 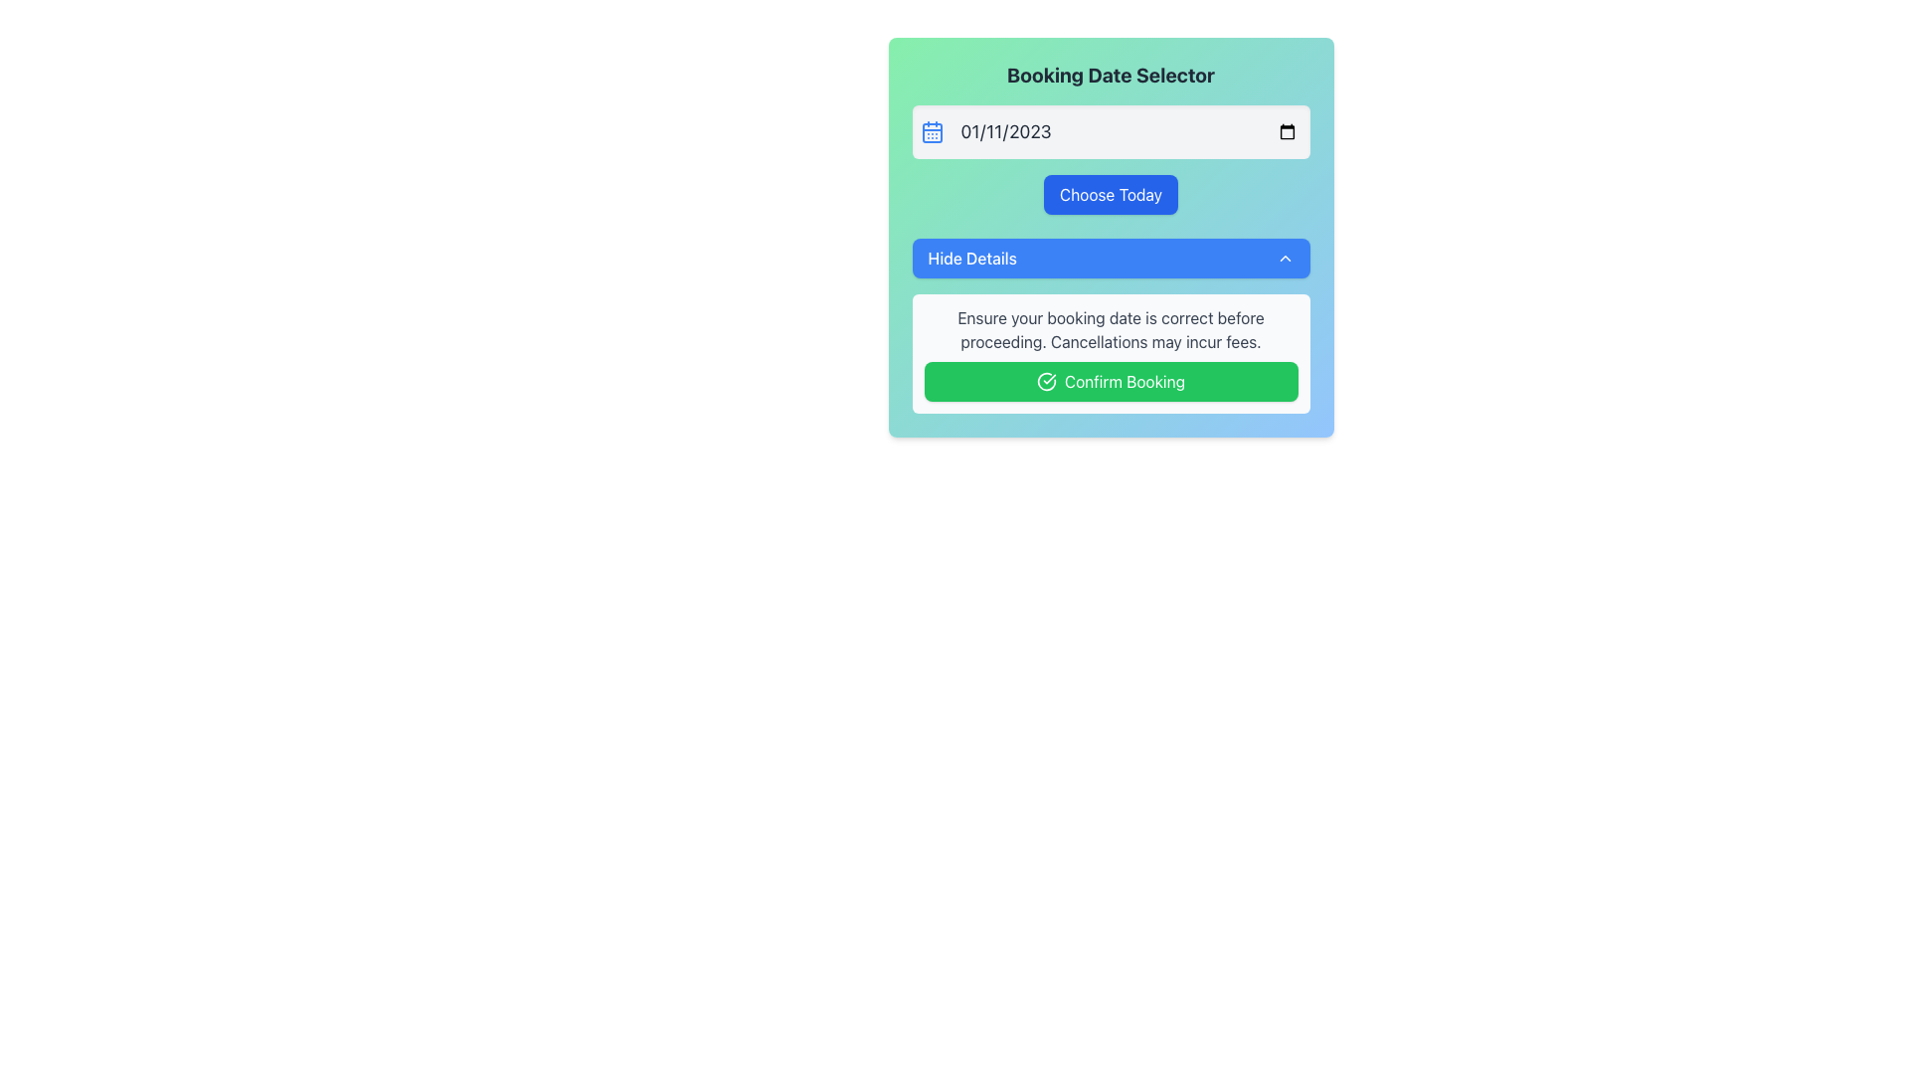 What do you see at coordinates (1110, 328) in the screenshot?
I see `the text block that contains the message 'Ensure your booking date is correct before proceeding. Cancellations may incur fees.' which is styled with a gray font color and is located above the green button labeled 'Confirm Booking.'` at bounding box center [1110, 328].